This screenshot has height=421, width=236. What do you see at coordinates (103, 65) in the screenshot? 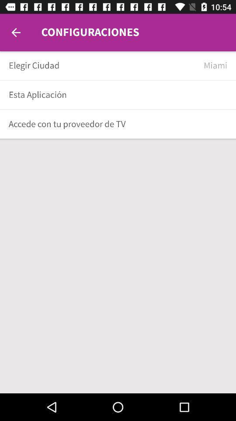
I see `the item to the left of miami icon` at bounding box center [103, 65].